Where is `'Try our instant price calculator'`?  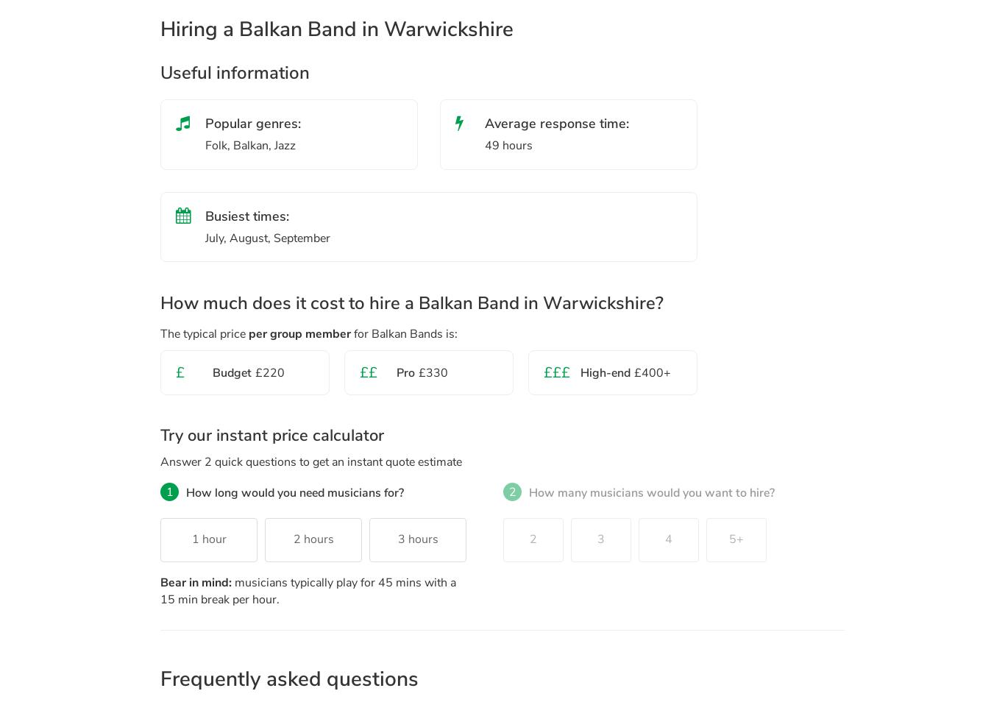
'Try our instant price calculator' is located at coordinates (271, 434).